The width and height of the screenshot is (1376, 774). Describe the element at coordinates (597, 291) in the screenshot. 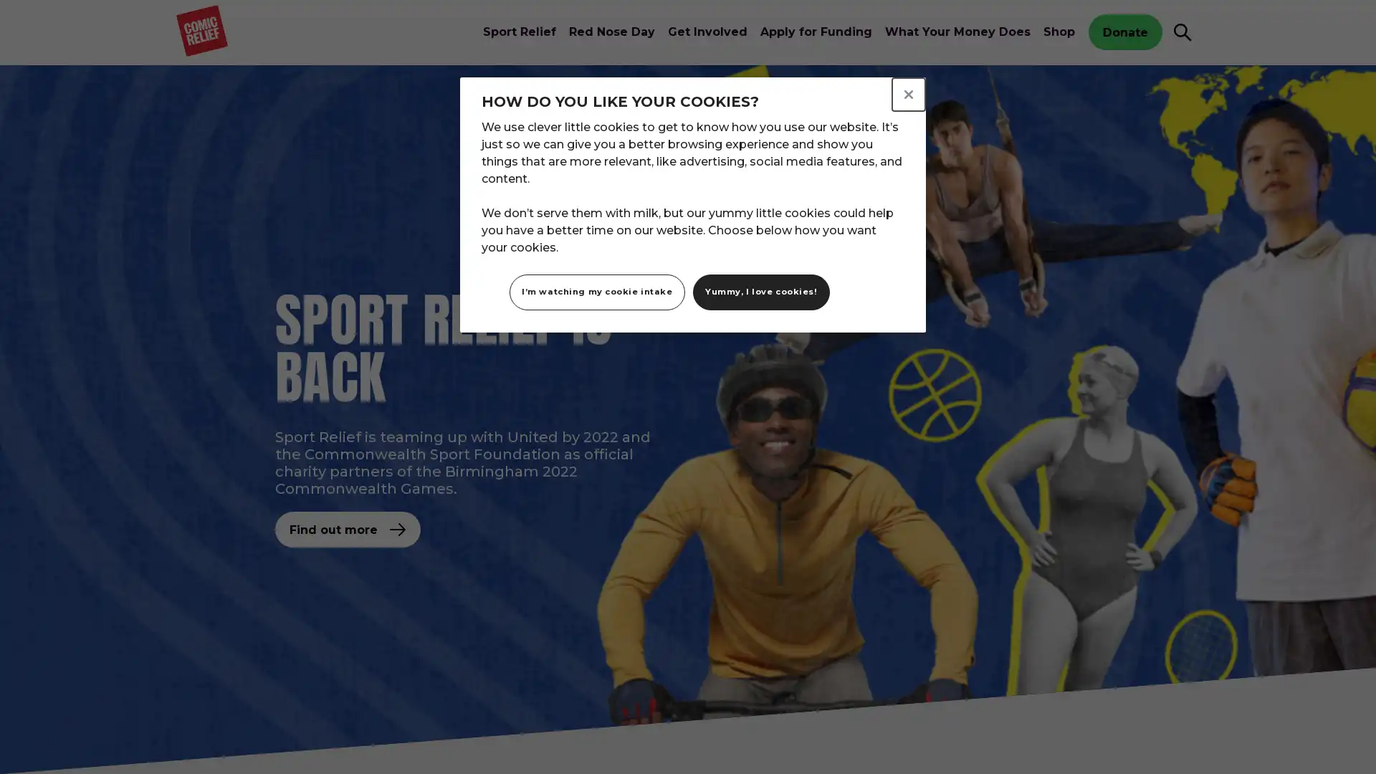

I see `Im watching my cookie intake` at that location.